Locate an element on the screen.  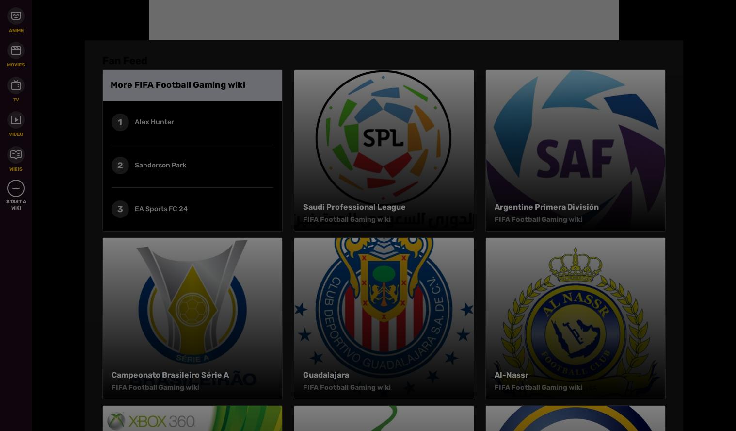
'Follow Us' is located at coordinates (161, 33).